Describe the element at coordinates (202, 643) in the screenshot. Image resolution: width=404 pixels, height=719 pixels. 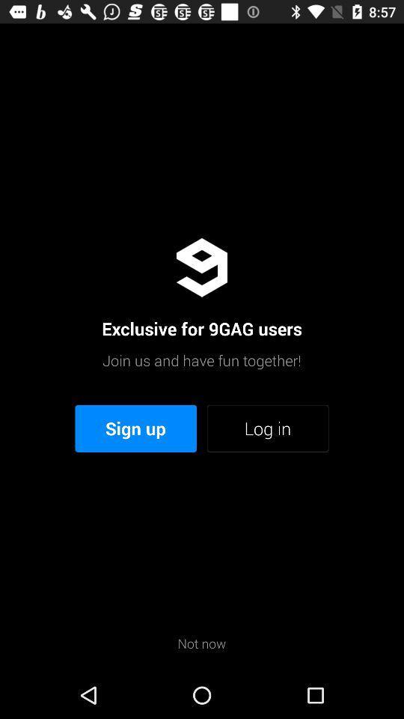
I see `not now` at that location.